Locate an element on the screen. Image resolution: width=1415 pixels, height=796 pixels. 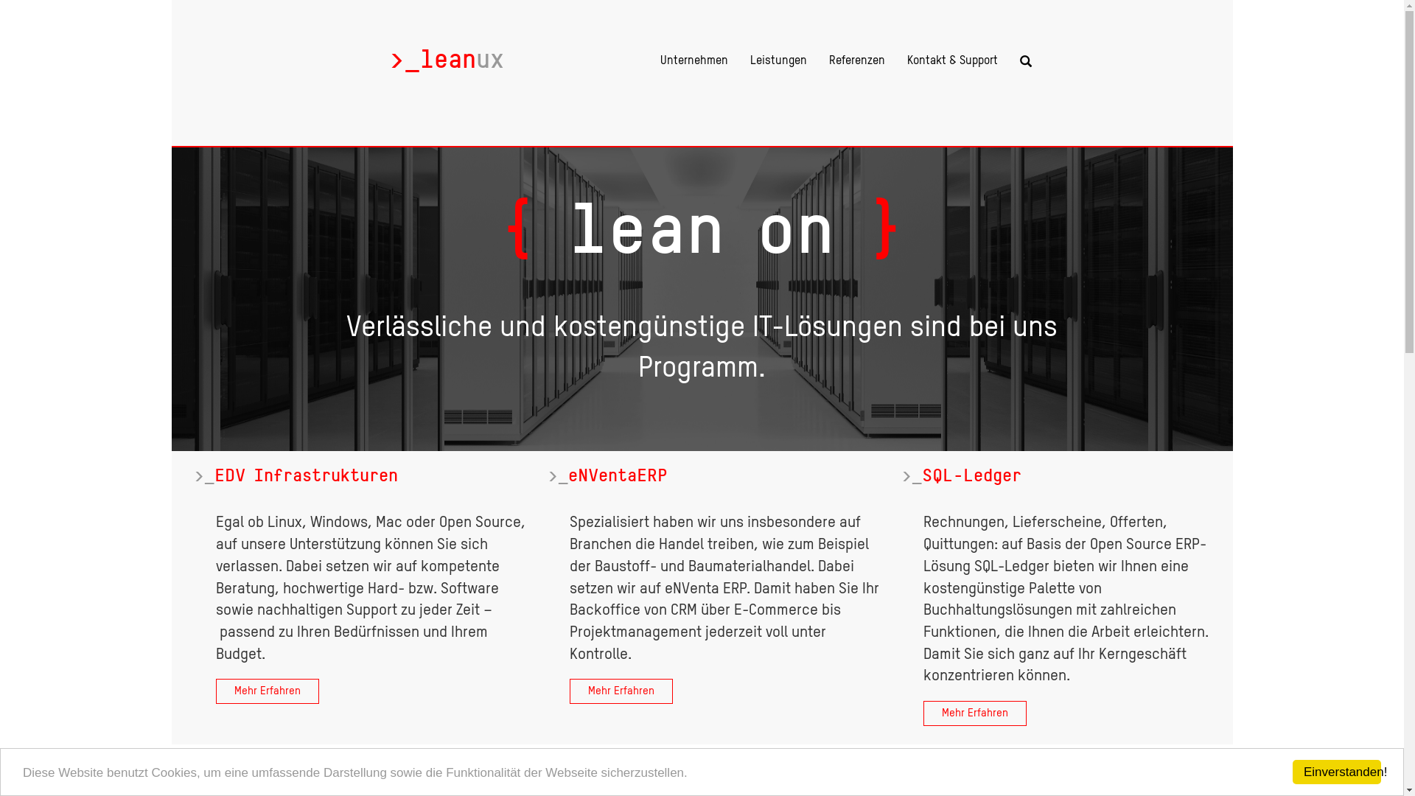
'Einverstanden!' is located at coordinates (1337, 771).